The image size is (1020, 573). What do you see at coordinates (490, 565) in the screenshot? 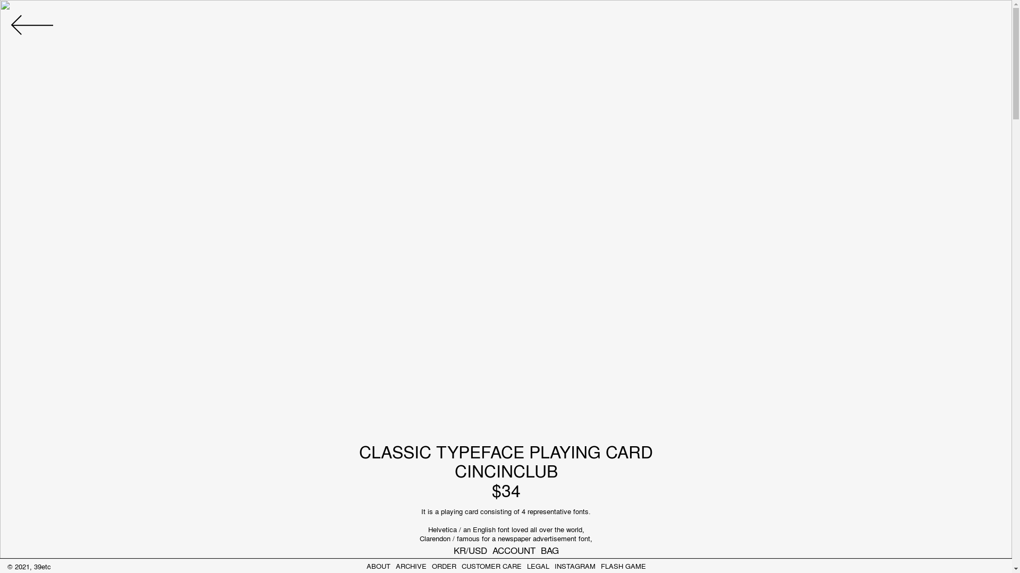
I see `'CUSTOMER CARE'` at bounding box center [490, 565].